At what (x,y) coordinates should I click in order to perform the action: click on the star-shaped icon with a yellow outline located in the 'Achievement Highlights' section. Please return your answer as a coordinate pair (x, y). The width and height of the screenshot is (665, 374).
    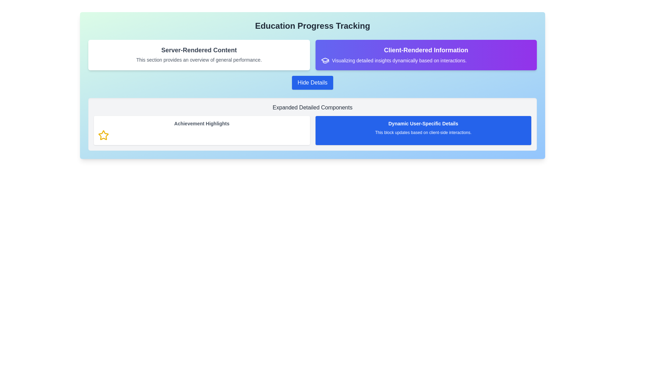
    Looking at the image, I should click on (103, 135).